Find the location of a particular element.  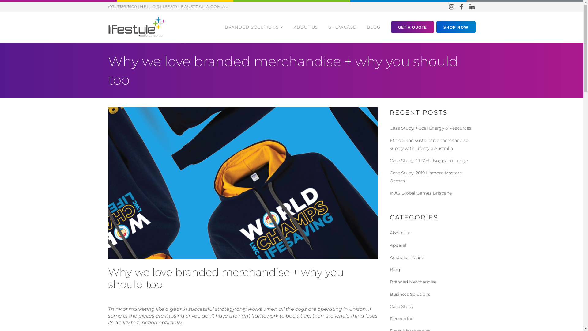

'Decoration' is located at coordinates (401, 318).